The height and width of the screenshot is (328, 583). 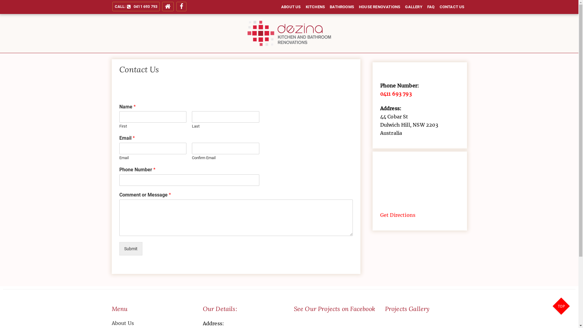 What do you see at coordinates (431, 7) in the screenshot?
I see `'FAQ'` at bounding box center [431, 7].